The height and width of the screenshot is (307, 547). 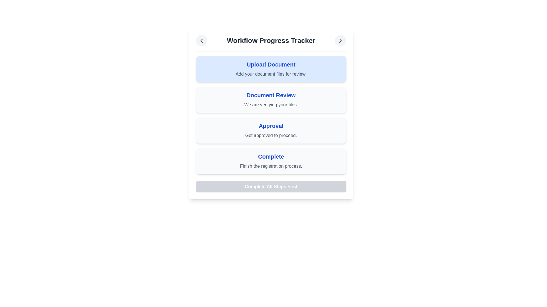 What do you see at coordinates (271, 74) in the screenshot?
I see `informational text label that says 'Add your document files for review.' which is styled in gray and positioned beneath the 'Upload Document' title inside a light blue card` at bounding box center [271, 74].